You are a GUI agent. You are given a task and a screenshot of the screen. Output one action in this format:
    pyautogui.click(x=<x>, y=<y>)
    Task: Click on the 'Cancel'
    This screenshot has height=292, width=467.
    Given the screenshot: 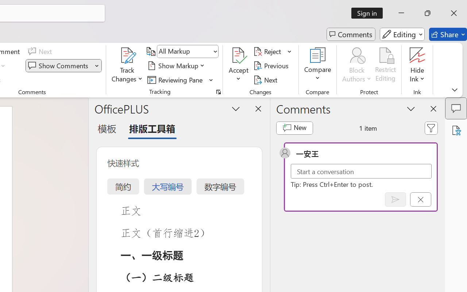 What is the action you would take?
    pyautogui.click(x=420, y=199)
    